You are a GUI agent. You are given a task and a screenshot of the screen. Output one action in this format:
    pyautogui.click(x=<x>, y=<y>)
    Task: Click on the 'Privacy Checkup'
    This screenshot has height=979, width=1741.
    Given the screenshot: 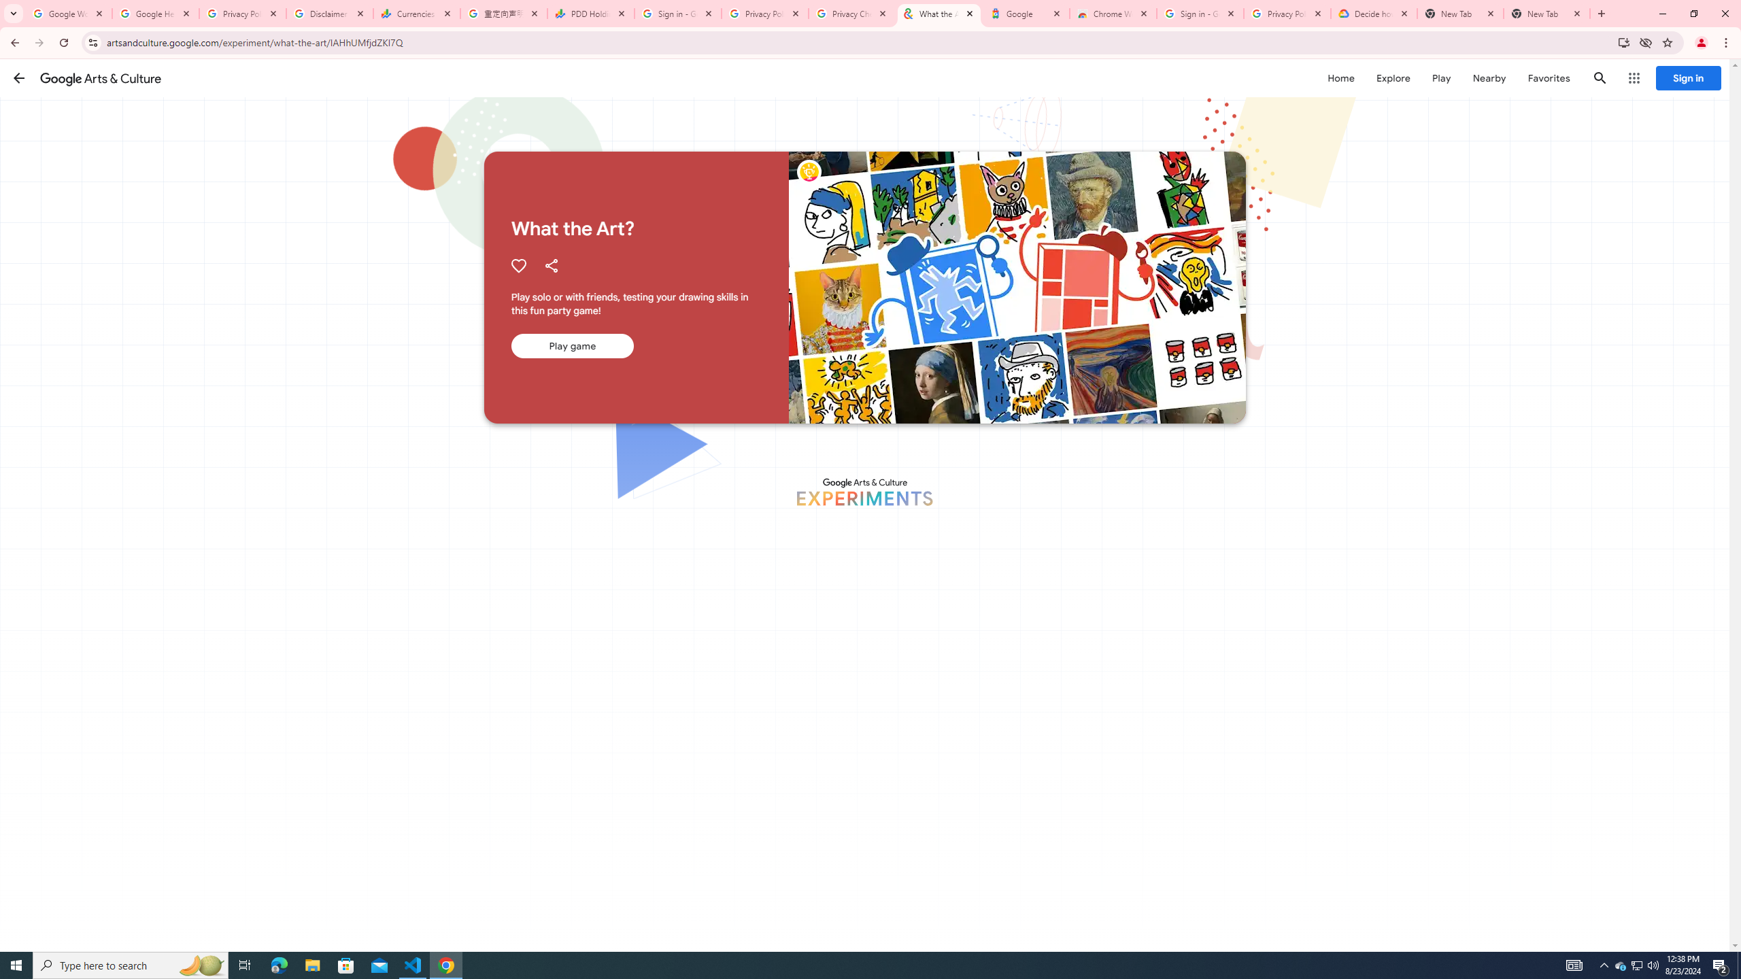 What is the action you would take?
    pyautogui.click(x=851, y=13)
    